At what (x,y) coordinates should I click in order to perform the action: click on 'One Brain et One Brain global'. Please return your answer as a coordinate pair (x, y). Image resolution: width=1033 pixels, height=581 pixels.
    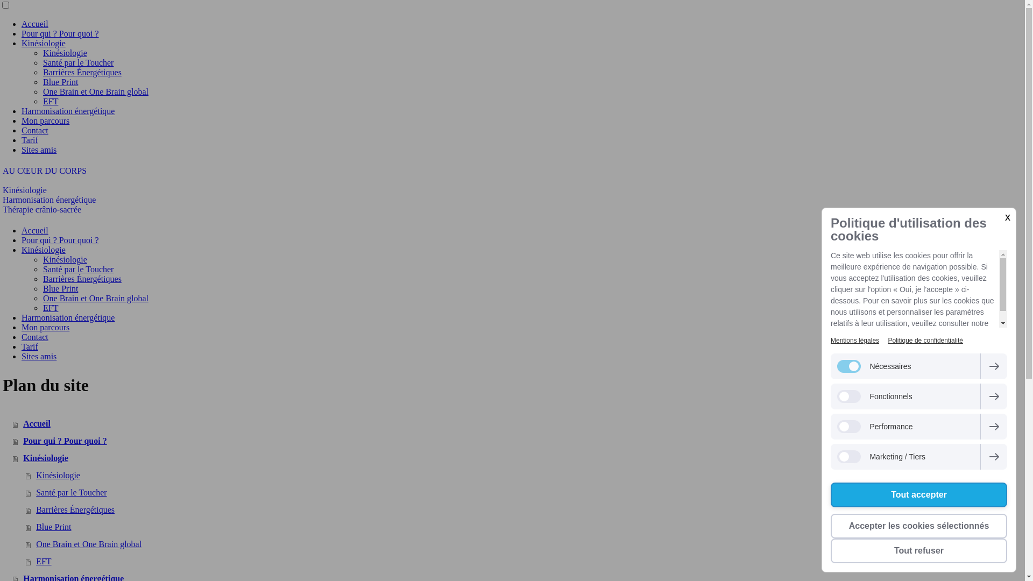
    Looking at the image, I should click on (525, 544).